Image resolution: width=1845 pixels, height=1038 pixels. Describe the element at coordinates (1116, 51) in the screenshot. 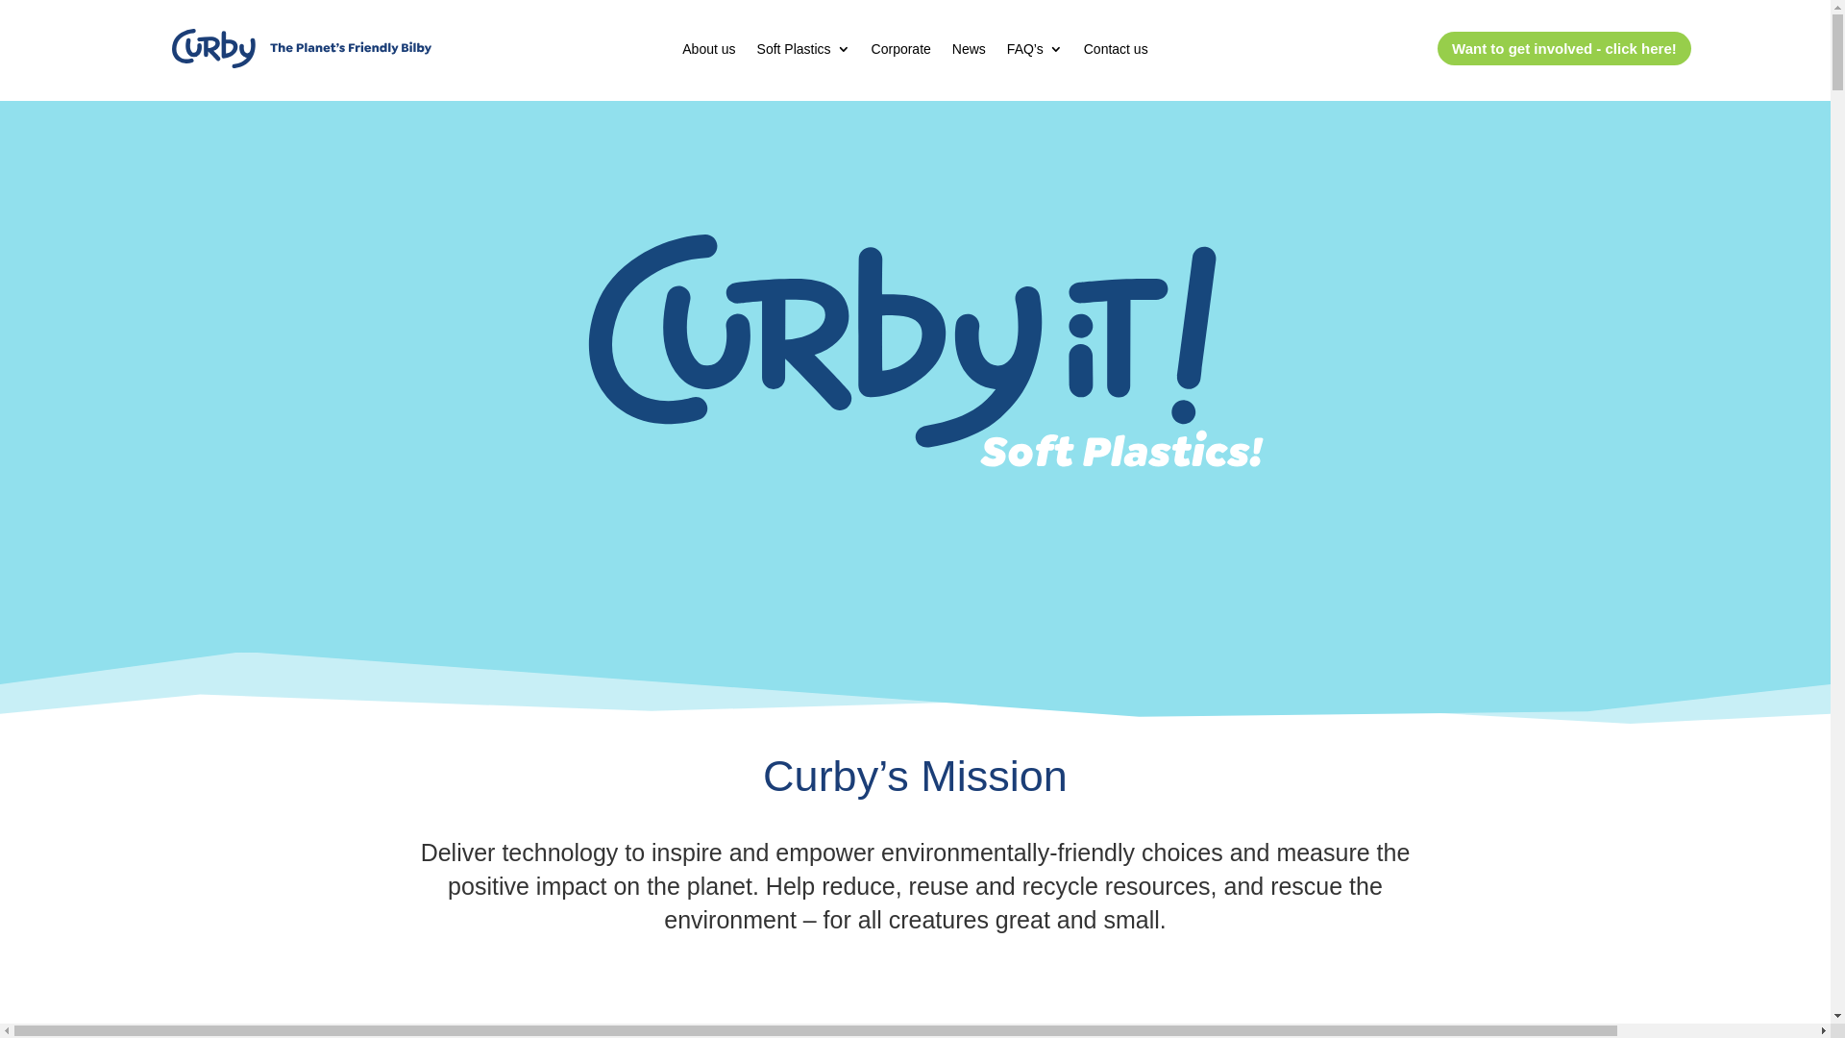

I see `'Contact us'` at that location.